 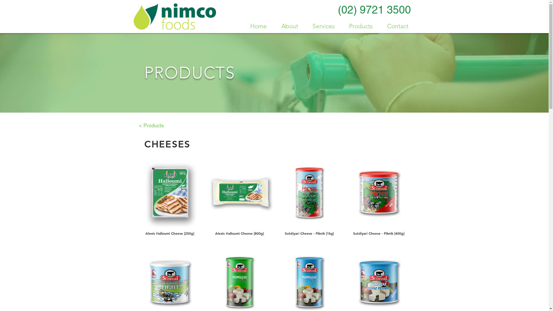 I want to click on '< Products', so click(x=151, y=125).